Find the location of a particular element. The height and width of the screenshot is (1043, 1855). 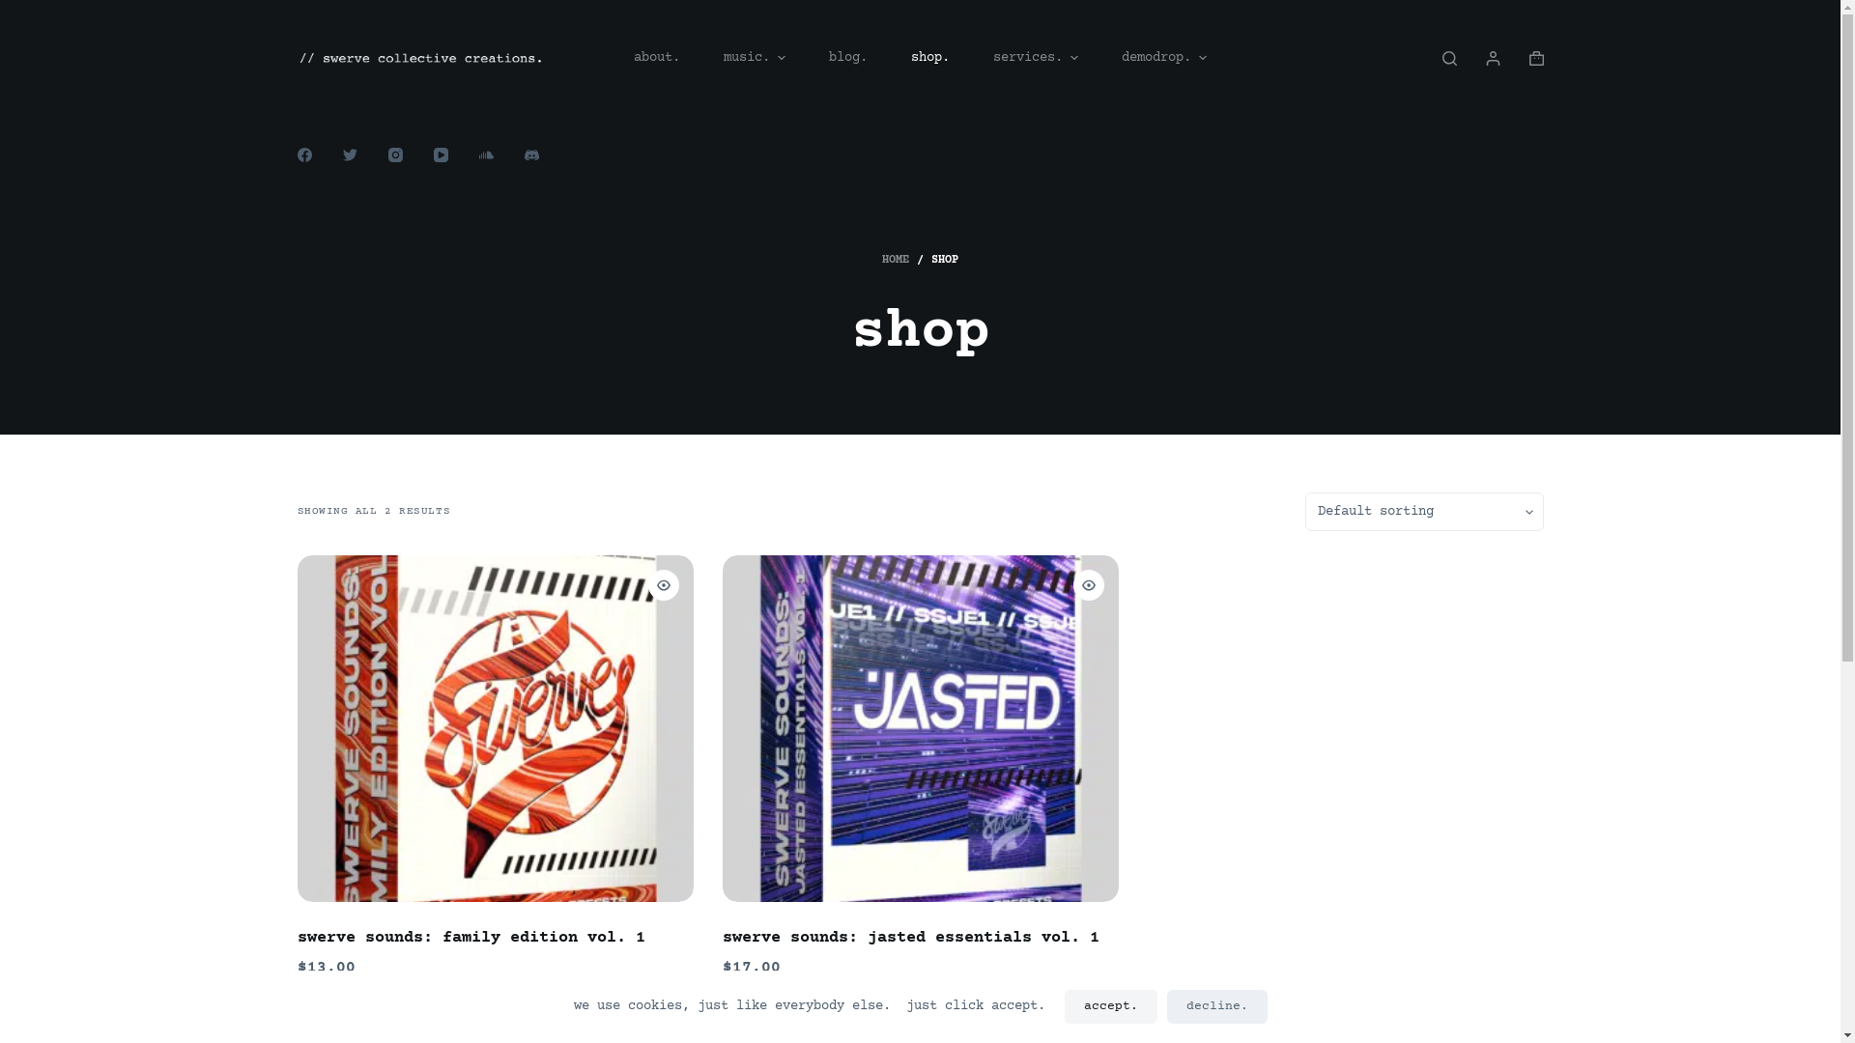

'accept.' is located at coordinates (1111, 1005).